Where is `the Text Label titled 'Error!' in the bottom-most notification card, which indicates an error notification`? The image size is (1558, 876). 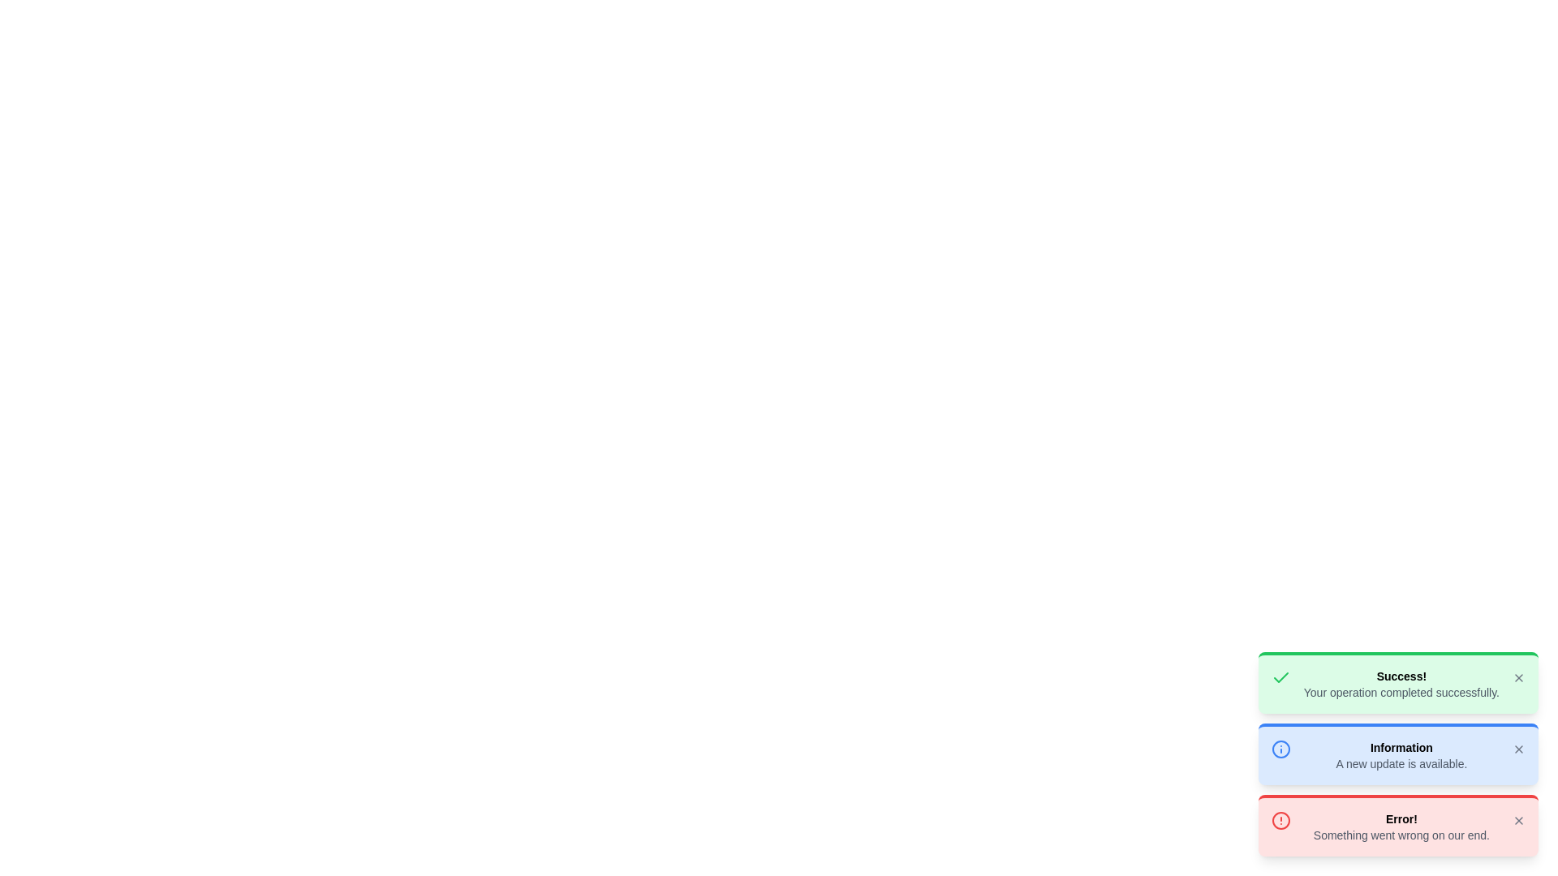
the Text Label titled 'Error!' in the bottom-most notification card, which indicates an error notification is located at coordinates (1401, 819).